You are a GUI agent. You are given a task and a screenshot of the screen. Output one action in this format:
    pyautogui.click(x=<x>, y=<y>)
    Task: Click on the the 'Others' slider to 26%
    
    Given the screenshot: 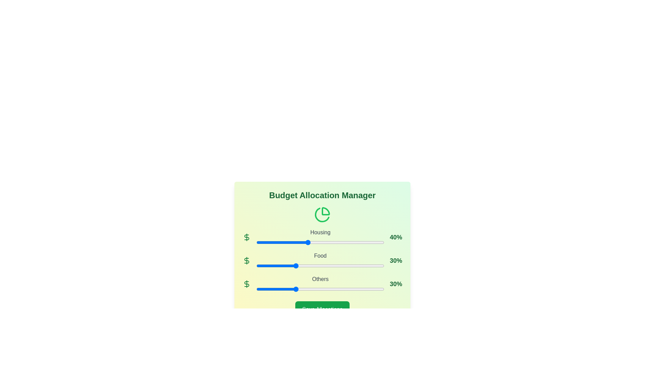 What is the action you would take?
    pyautogui.click(x=289, y=289)
    